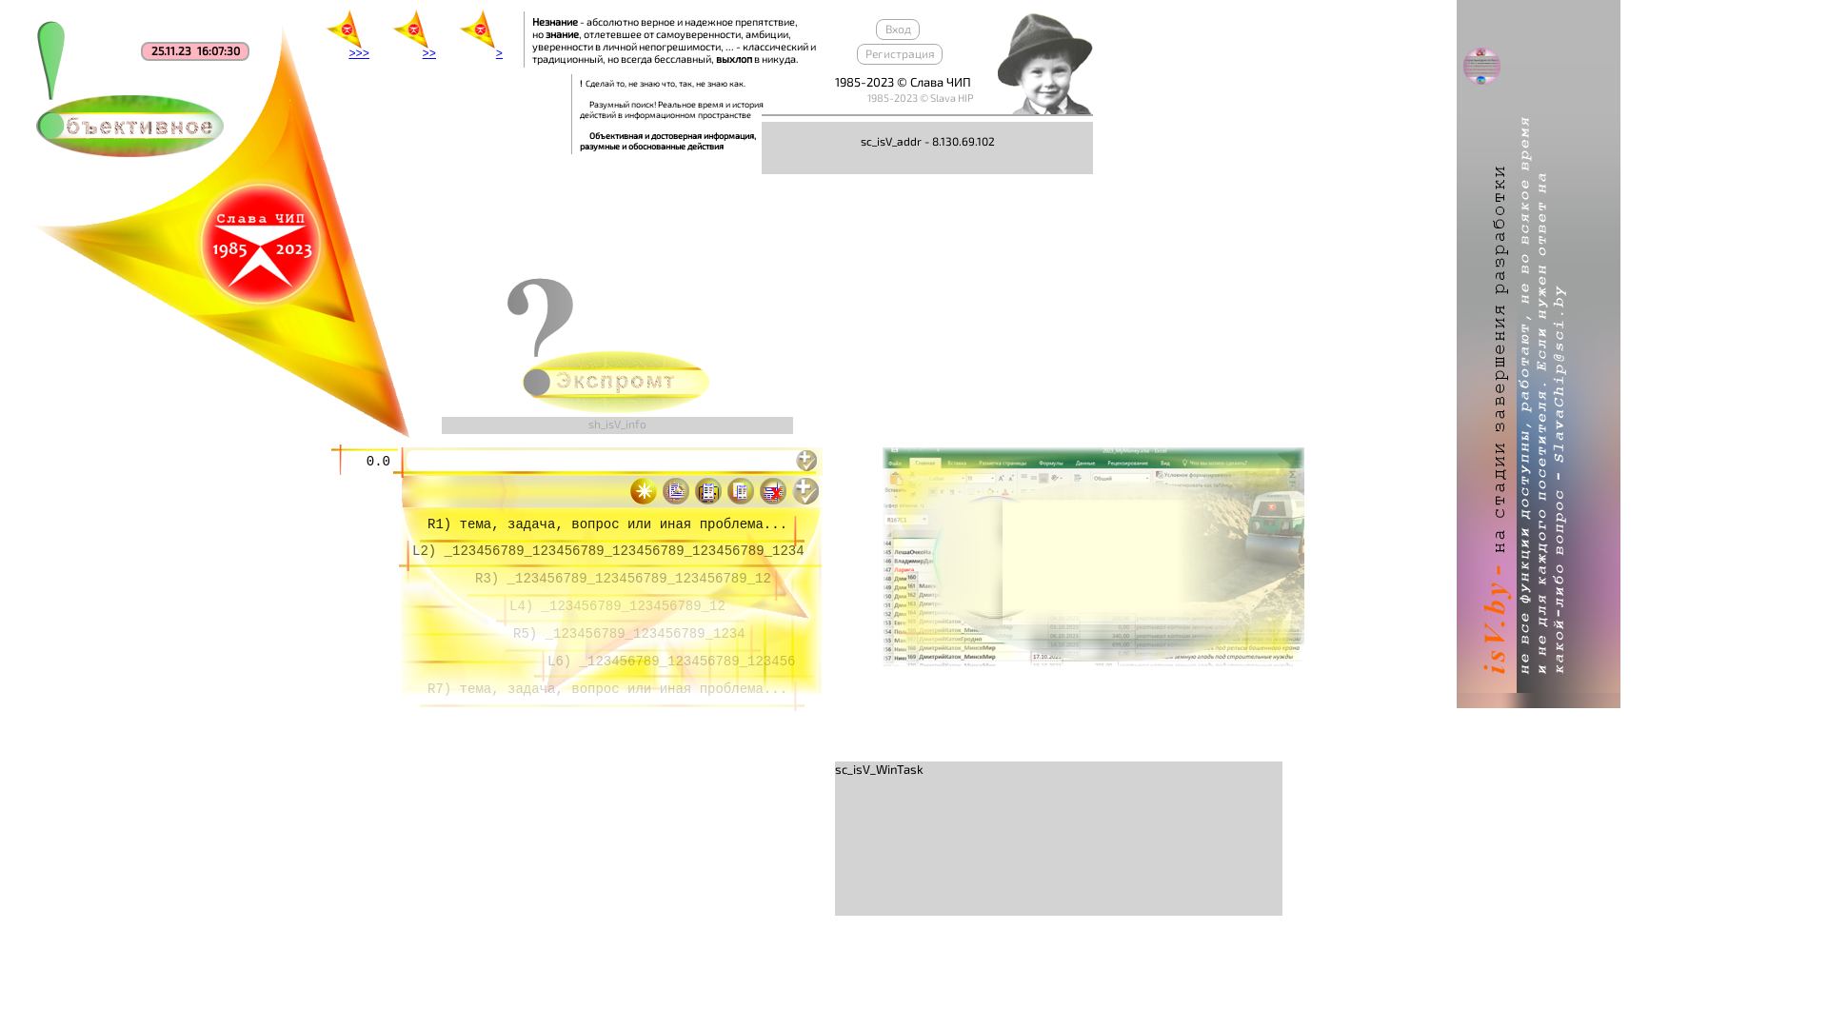 Image resolution: width=1828 pixels, height=1028 pixels. What do you see at coordinates (480, 37) in the screenshot?
I see `'>'` at bounding box center [480, 37].